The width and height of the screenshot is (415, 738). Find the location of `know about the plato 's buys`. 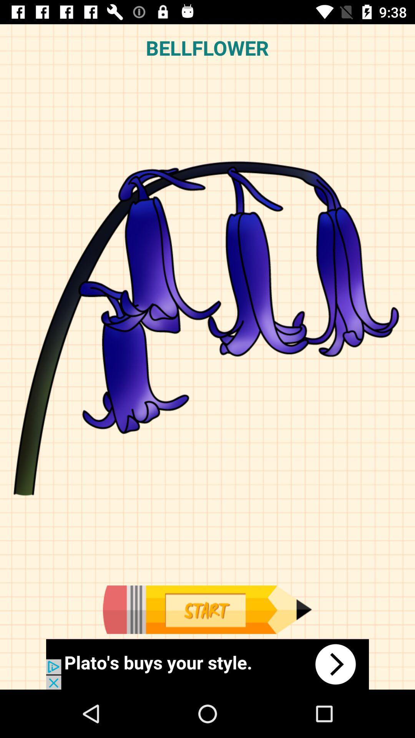

know about the plato 's buys is located at coordinates (207, 664).